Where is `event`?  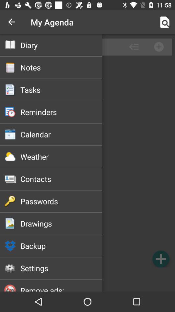 event is located at coordinates (160, 259).